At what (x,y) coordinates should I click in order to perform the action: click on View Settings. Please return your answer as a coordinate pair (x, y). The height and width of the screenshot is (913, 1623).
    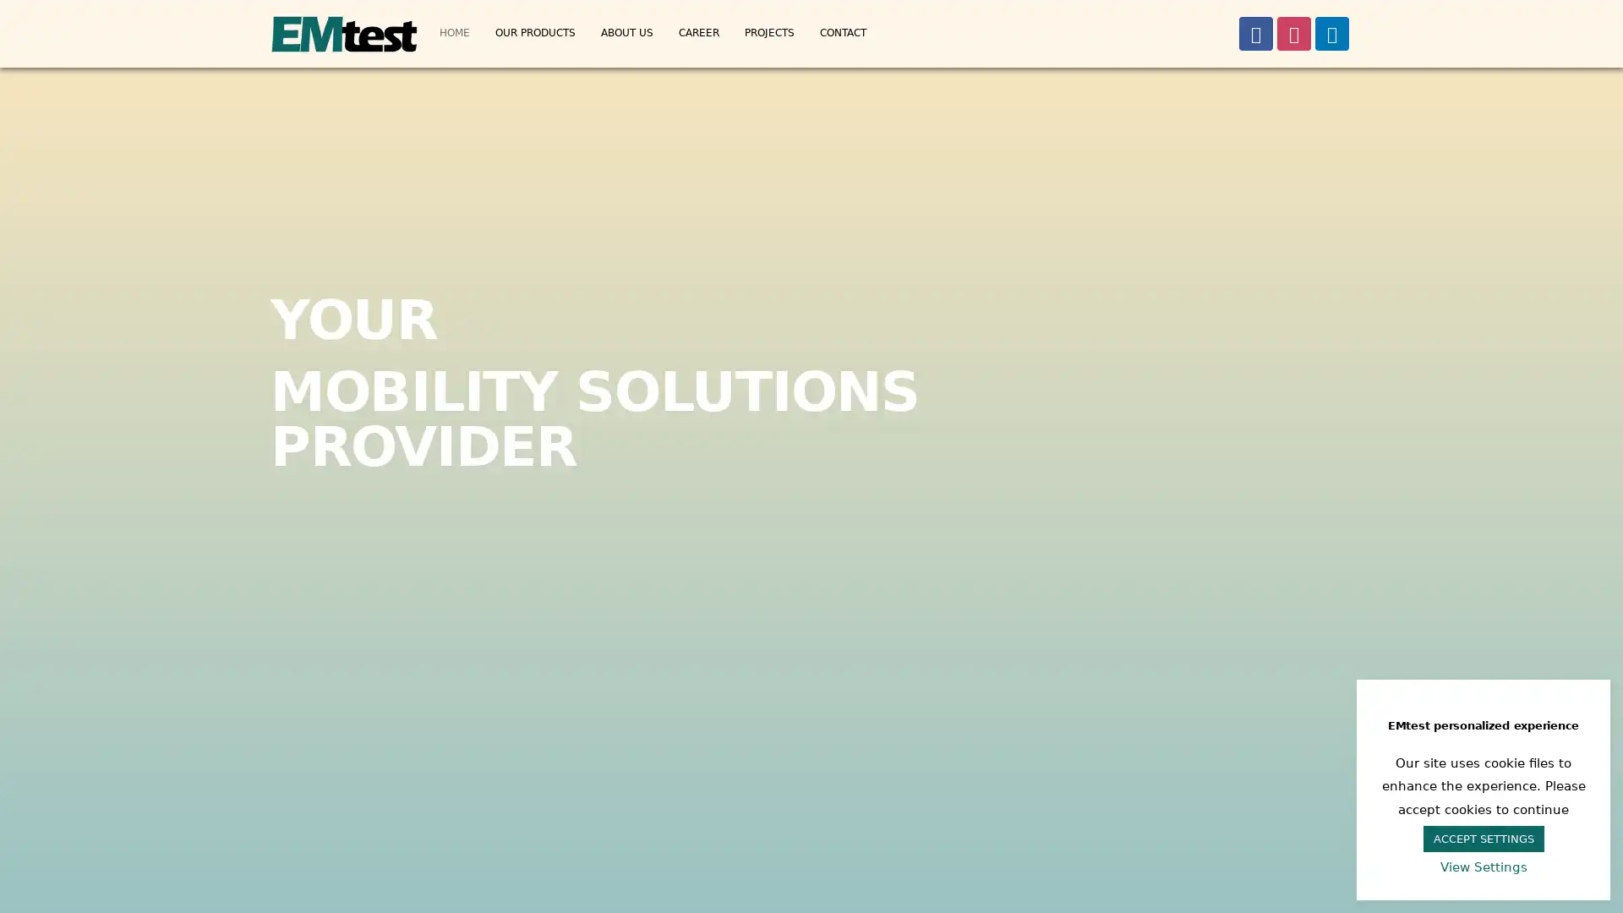
    Looking at the image, I should click on (1482, 867).